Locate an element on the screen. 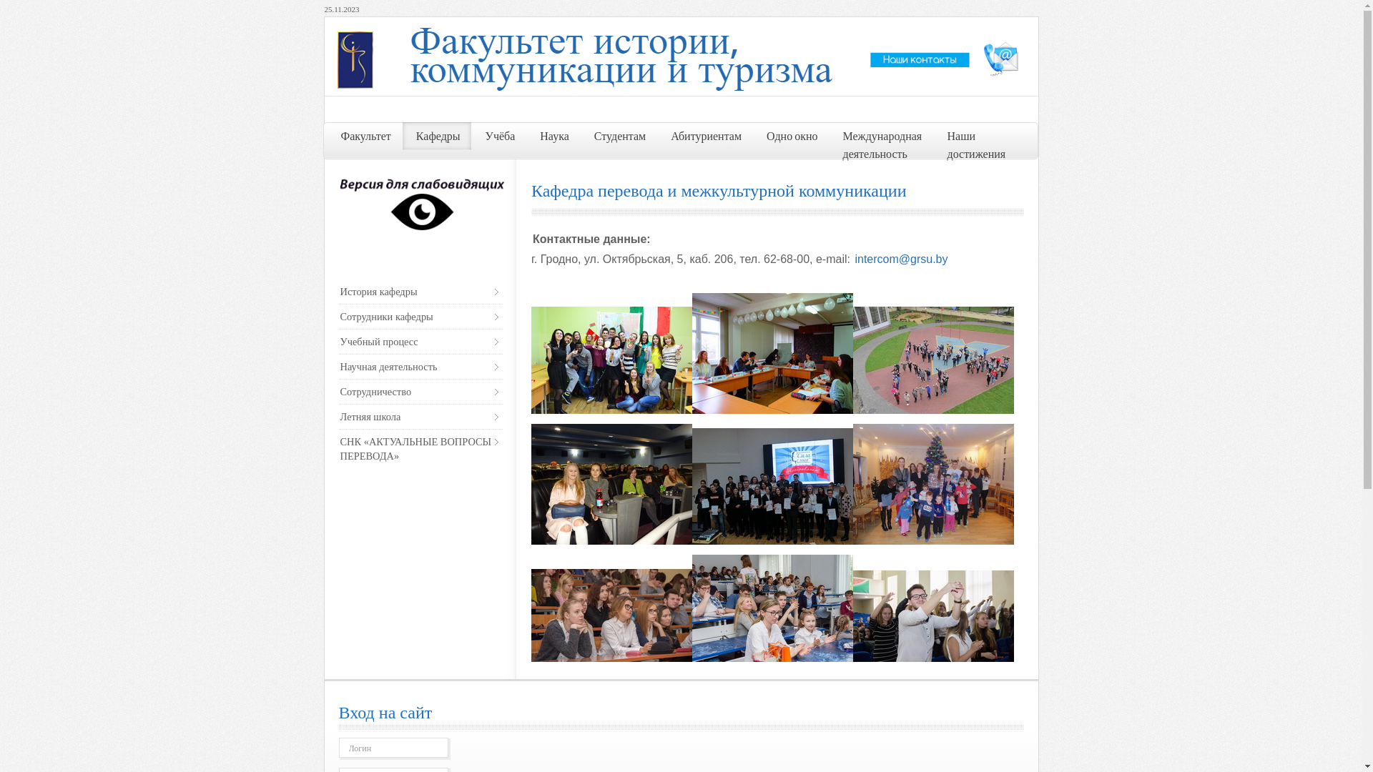 The image size is (1373, 772). 'intercom@grsu.by' is located at coordinates (900, 259).